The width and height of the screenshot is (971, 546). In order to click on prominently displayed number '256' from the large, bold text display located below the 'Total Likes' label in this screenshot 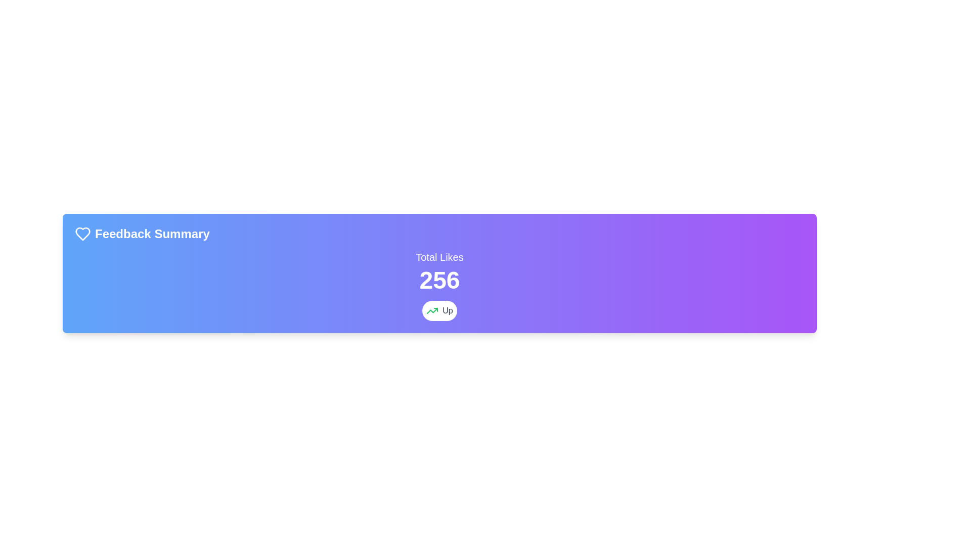, I will do `click(439, 281)`.